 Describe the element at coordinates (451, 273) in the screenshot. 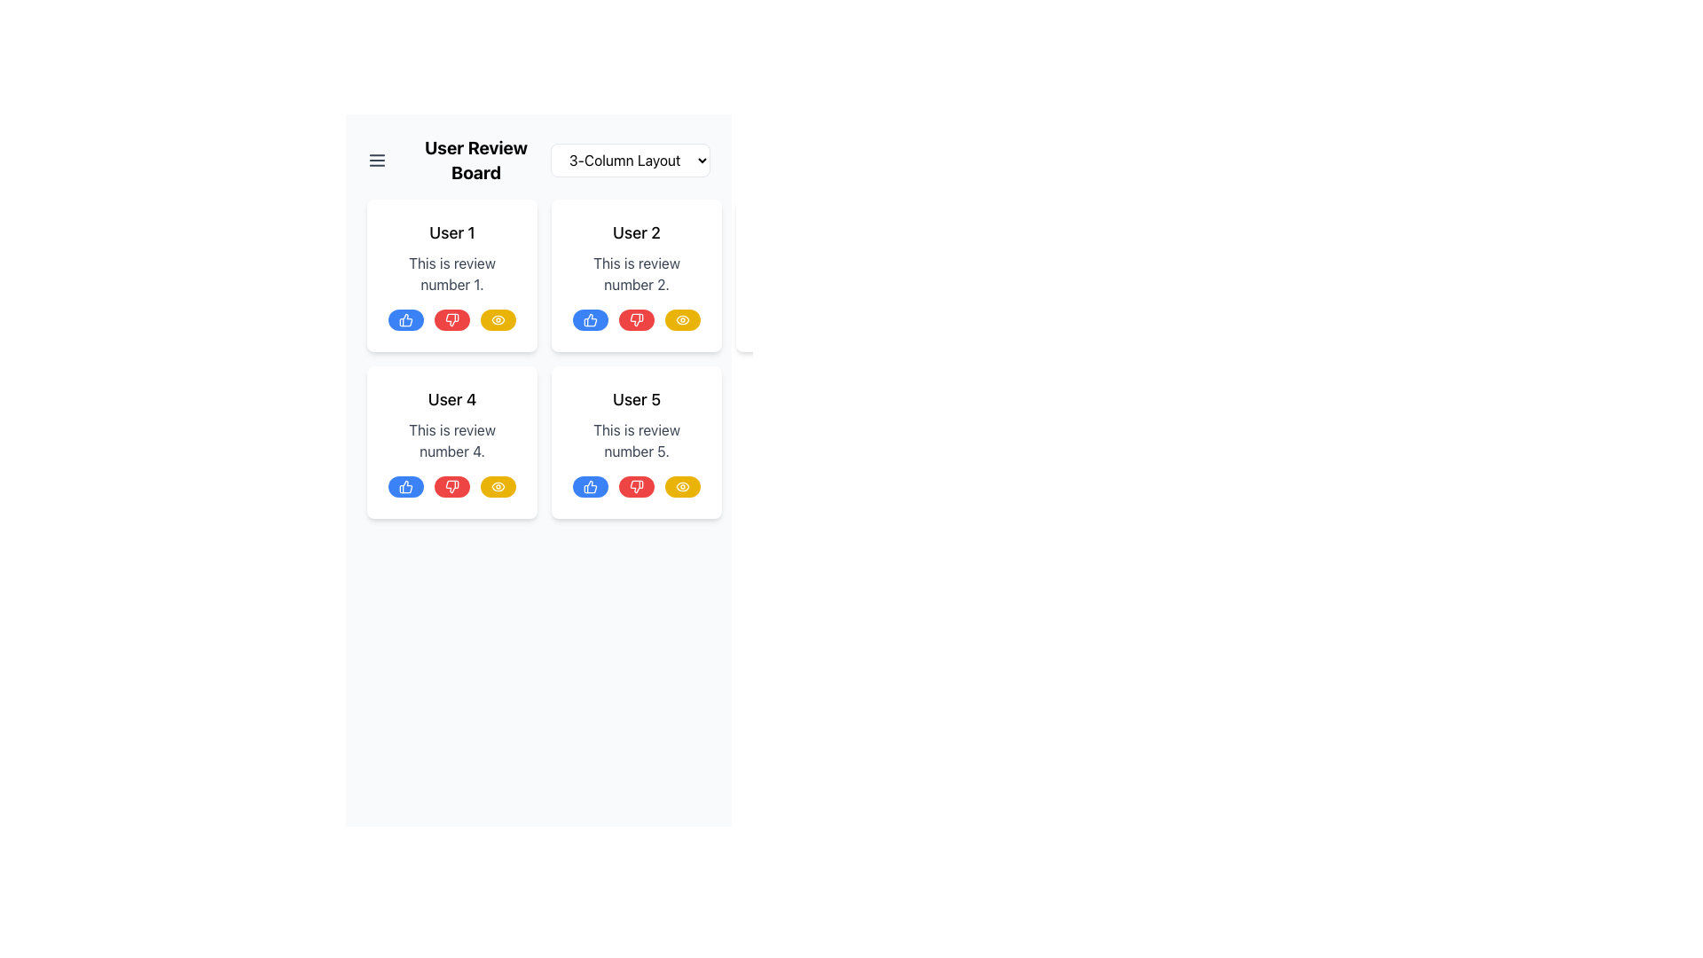

I see `the text block that provides a user review, located below the heading 'User 1' in the top-left card of the 3-column review layout grid` at that location.